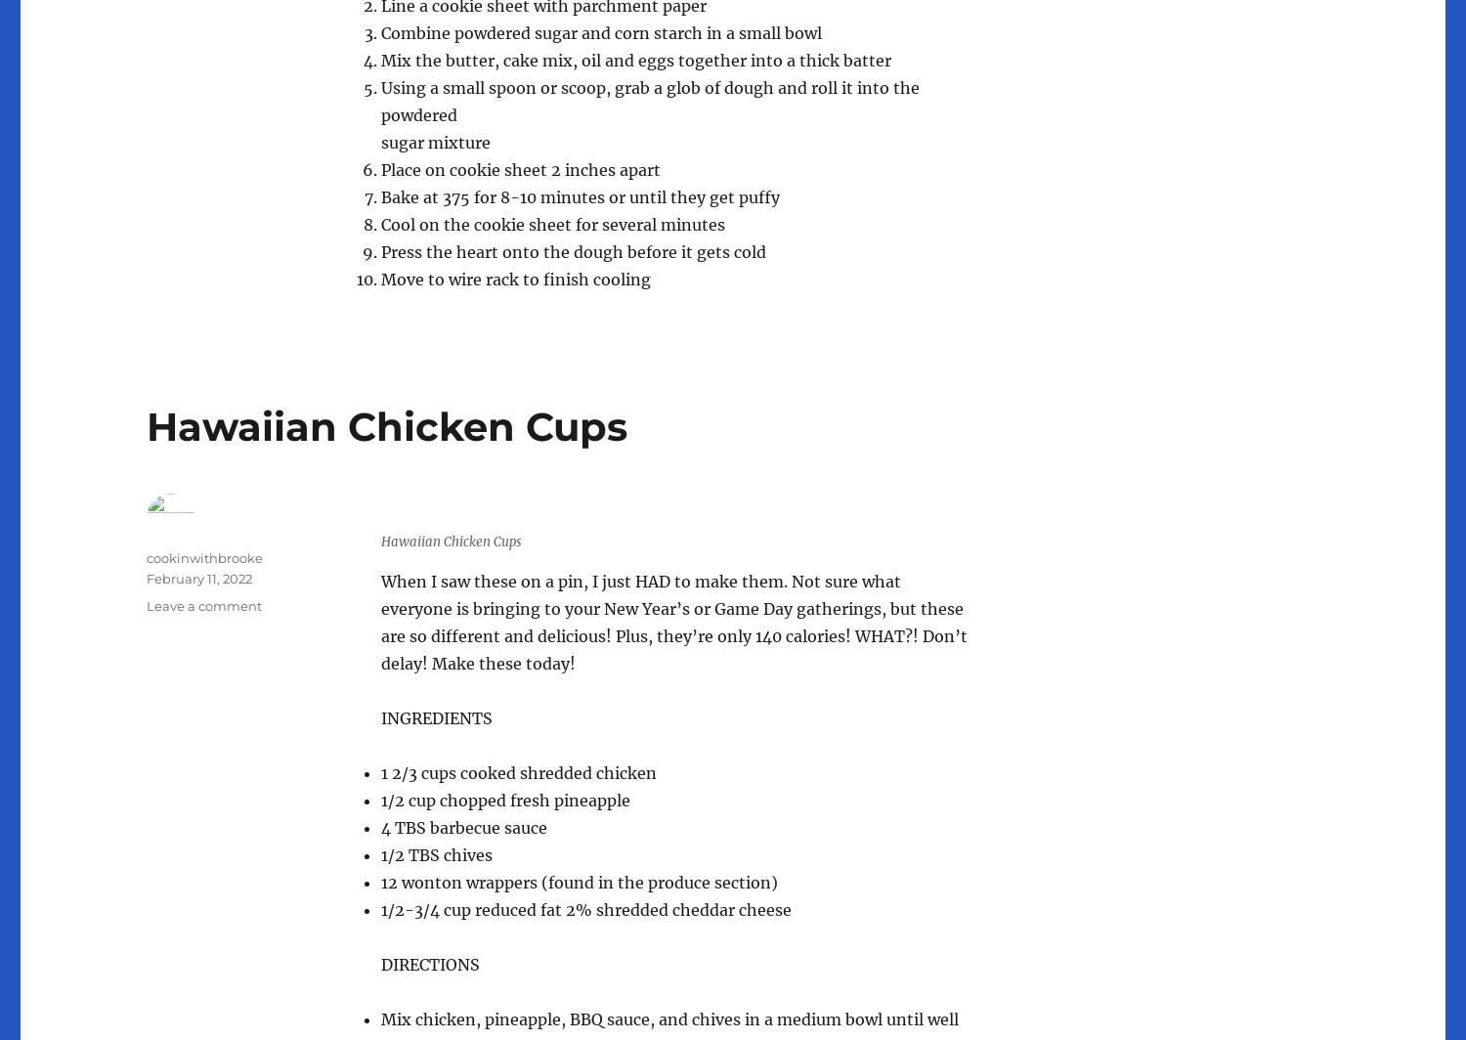 This screenshot has height=1040, width=1466. Describe the element at coordinates (434, 142) in the screenshot. I see `'sugar mixture'` at that location.